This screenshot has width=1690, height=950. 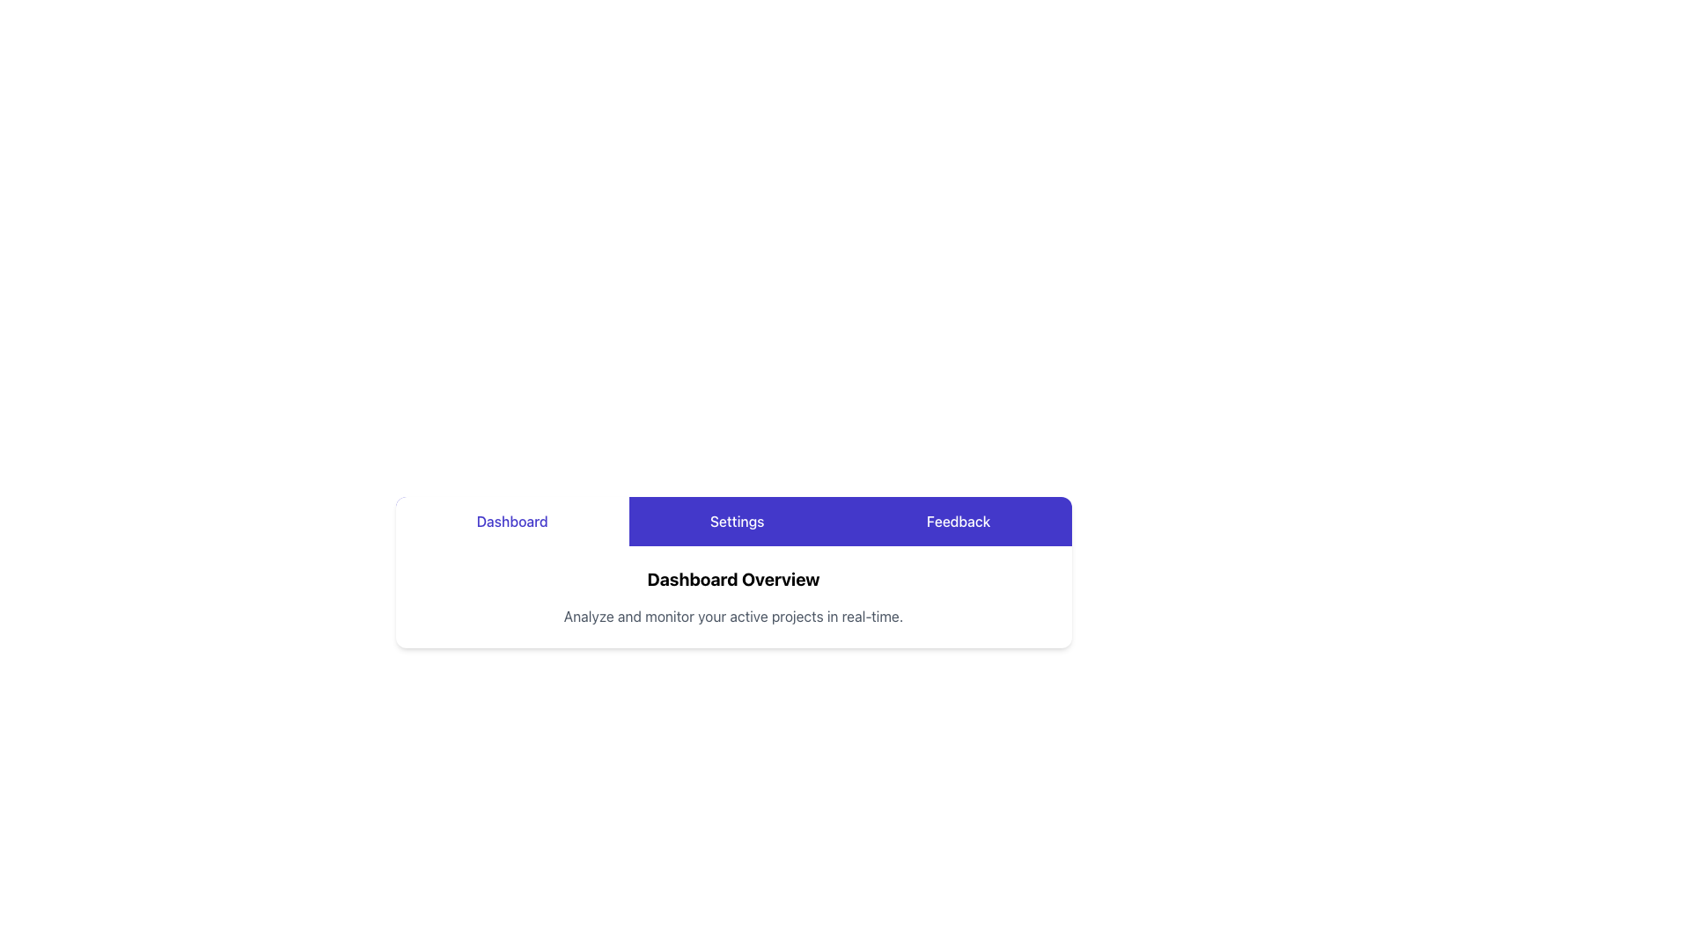 I want to click on the feedback button located at the rightmost part of the blue header section, so click(x=958, y=521).